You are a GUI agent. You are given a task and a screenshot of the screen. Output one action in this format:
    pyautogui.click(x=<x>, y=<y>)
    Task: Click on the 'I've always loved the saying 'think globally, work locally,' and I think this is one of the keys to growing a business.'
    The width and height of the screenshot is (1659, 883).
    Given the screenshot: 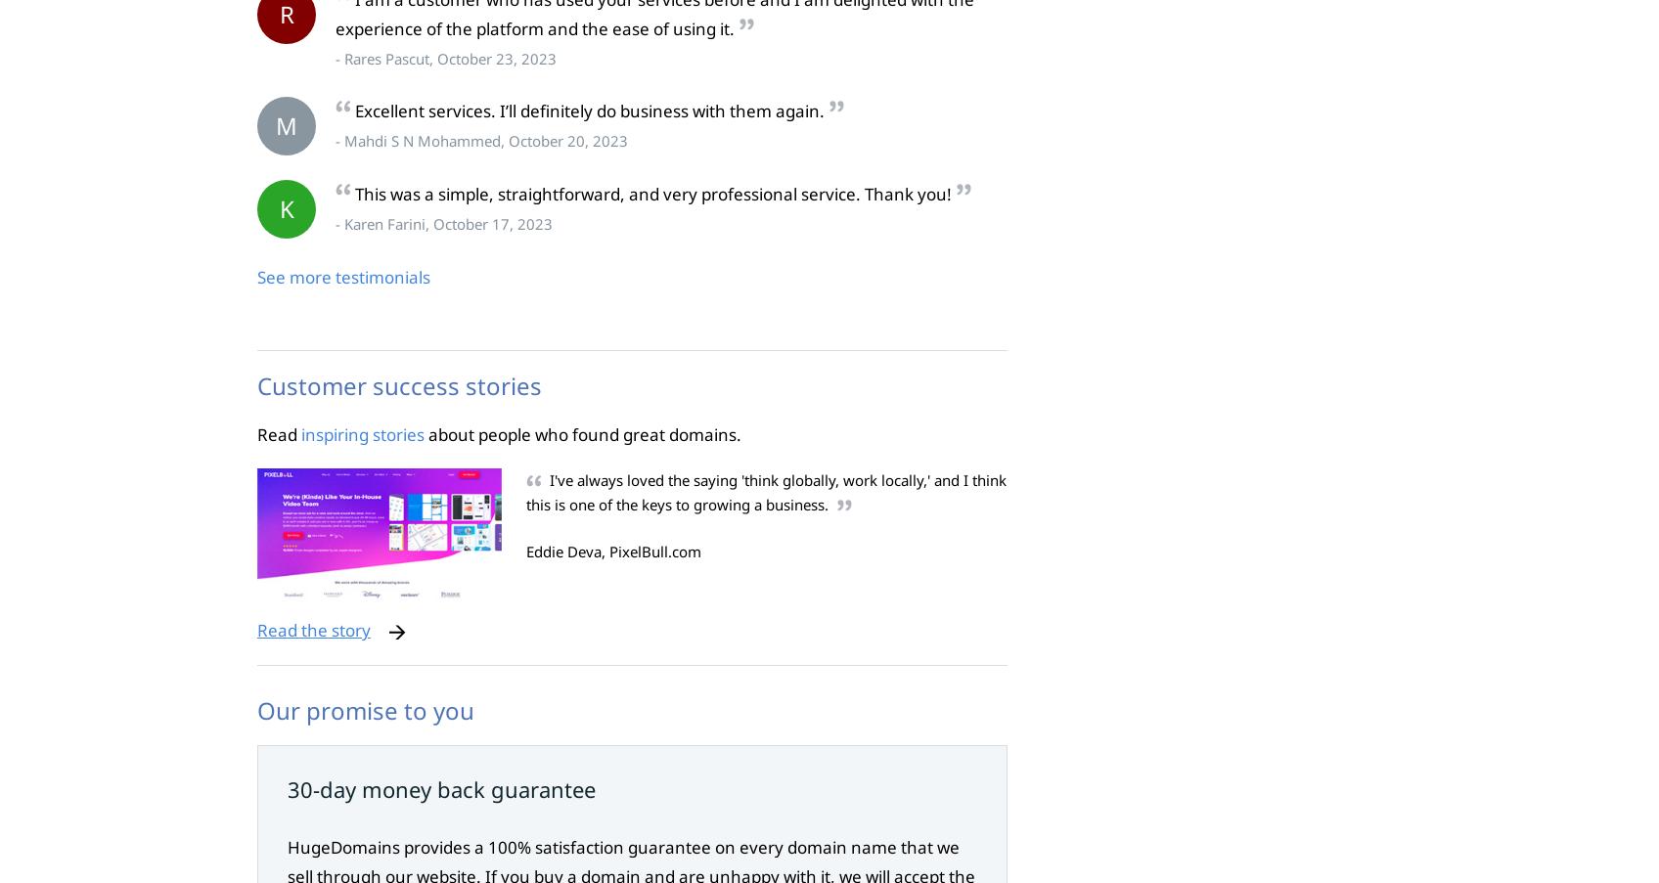 What is the action you would take?
    pyautogui.click(x=765, y=492)
    